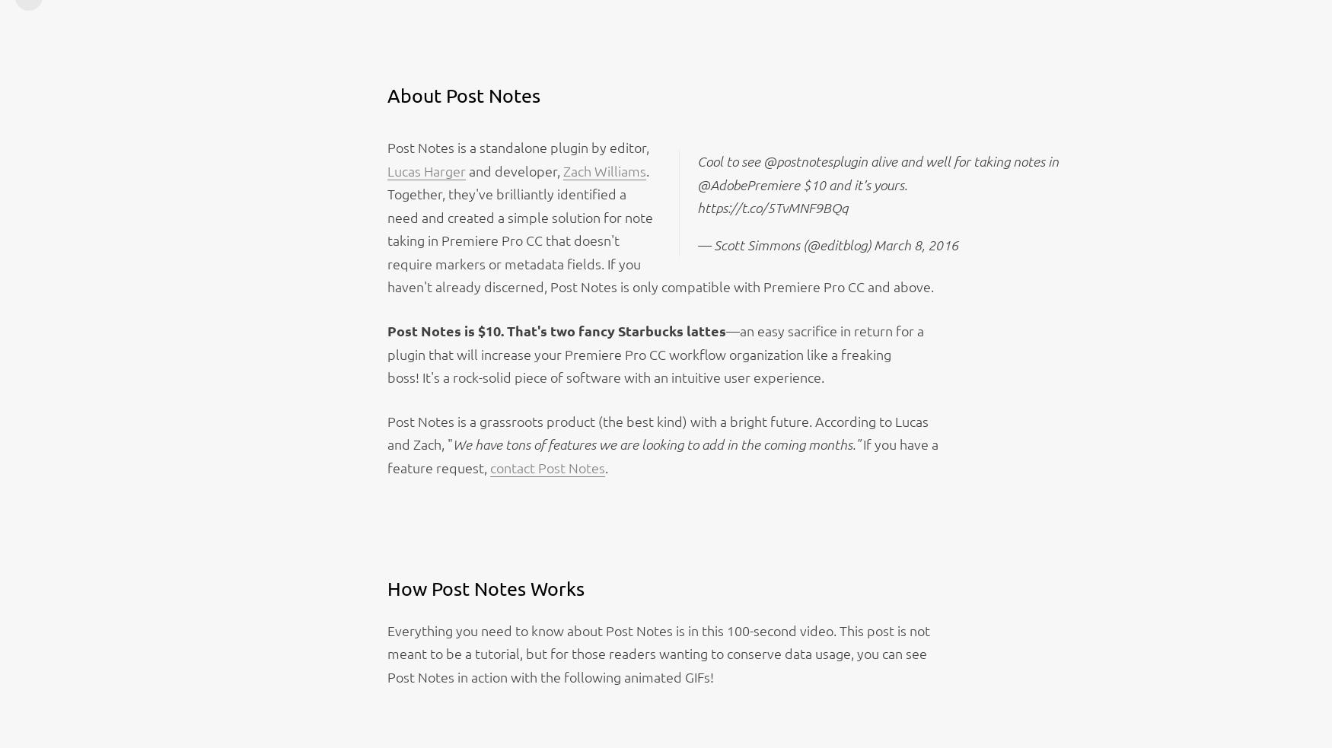 The height and width of the screenshot is (748, 1332). I want to click on '@postnotesplugin', so click(815, 160).